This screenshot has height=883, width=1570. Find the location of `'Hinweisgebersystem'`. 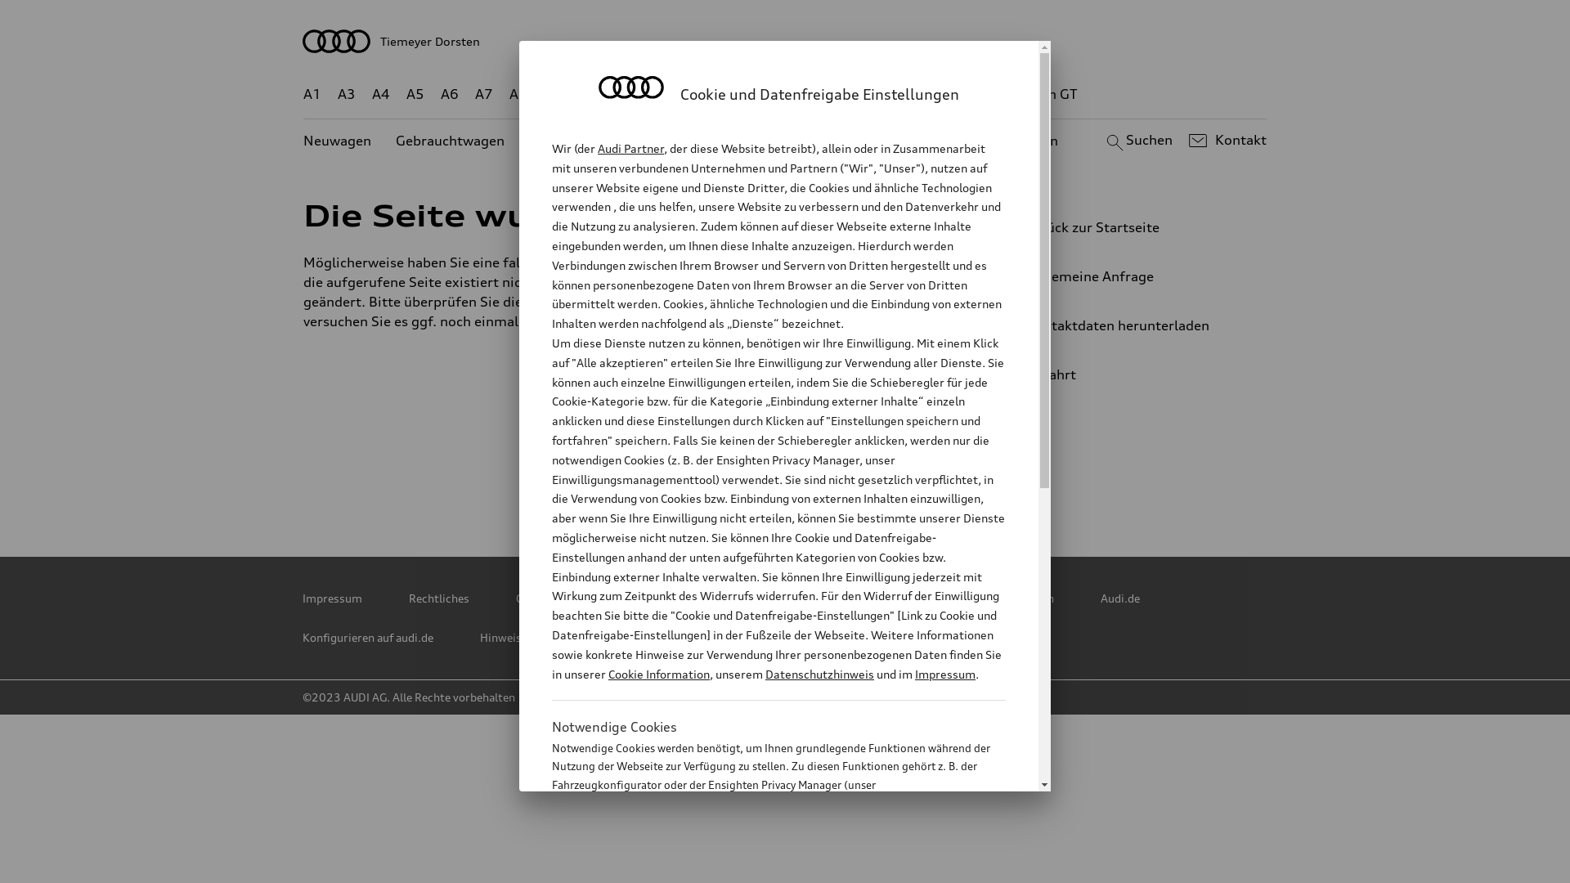

'Hinweisgebersystem' is located at coordinates (534, 636).